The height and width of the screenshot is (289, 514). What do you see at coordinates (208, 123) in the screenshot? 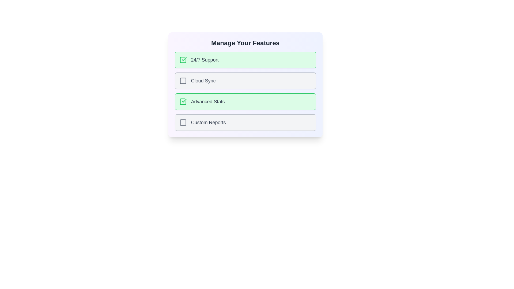
I see `the text label 'Custom Reports', which is the third text component in a list of options under 'Manage Your Features', positioned to the right of an unchecked checkbox` at bounding box center [208, 123].